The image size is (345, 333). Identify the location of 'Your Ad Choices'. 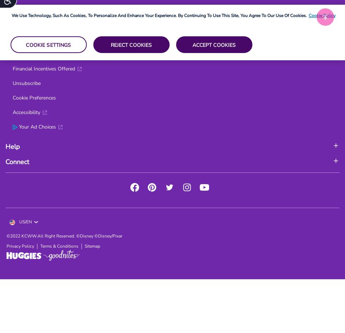
(36, 126).